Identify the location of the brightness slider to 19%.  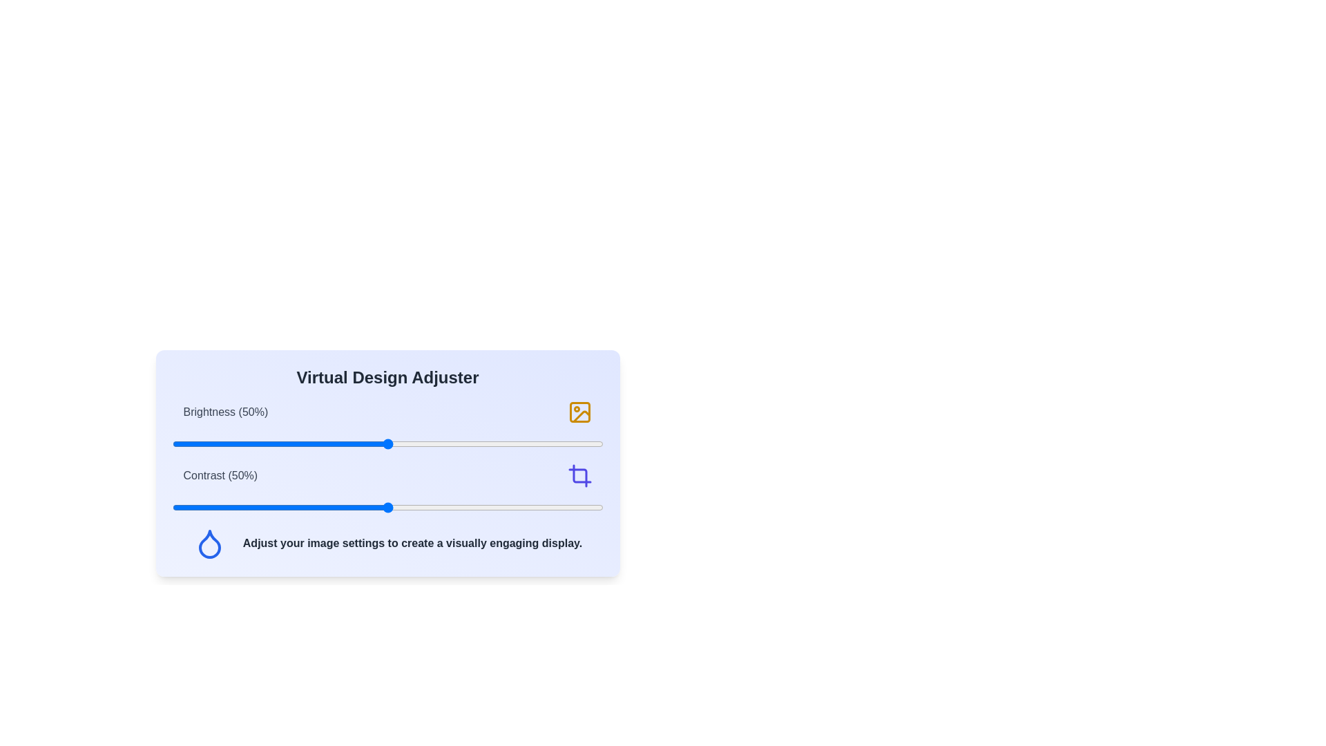
(254, 444).